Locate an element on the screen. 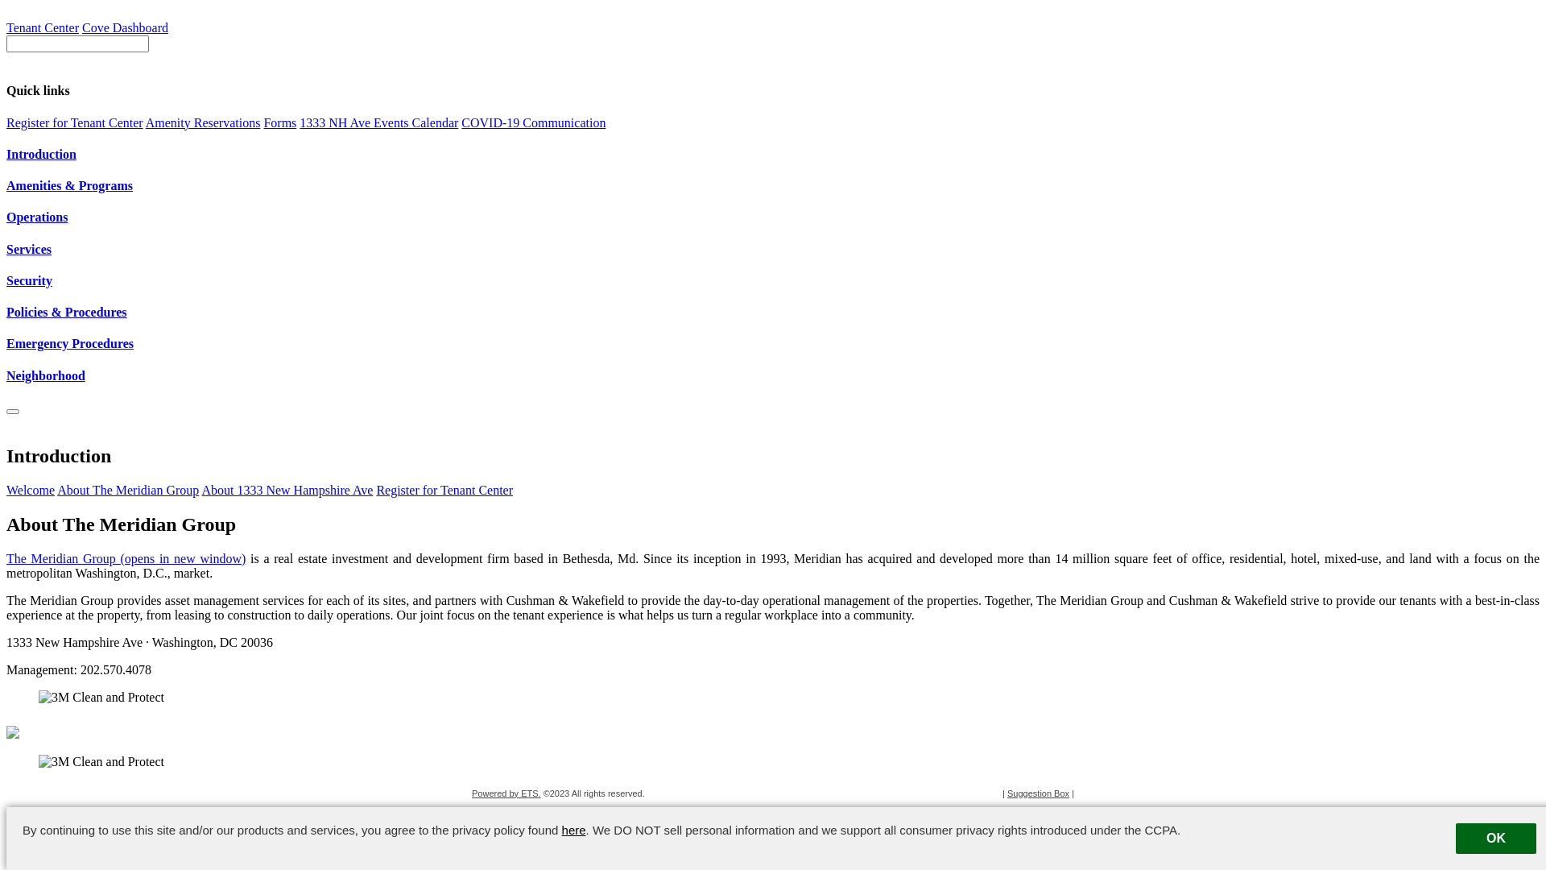 This screenshot has width=1546, height=870. 'The Meridian Group (opens in new window)' is located at coordinates (125, 557).